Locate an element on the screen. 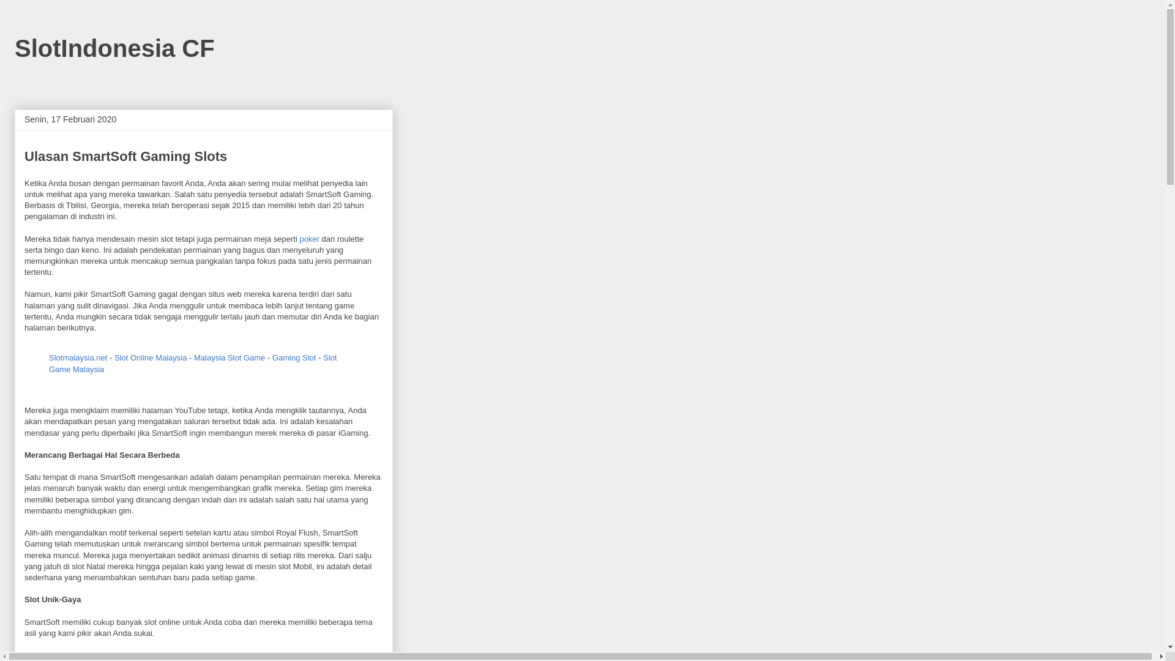 The width and height of the screenshot is (1175, 661). 'Gaming Slot' is located at coordinates (272, 357).